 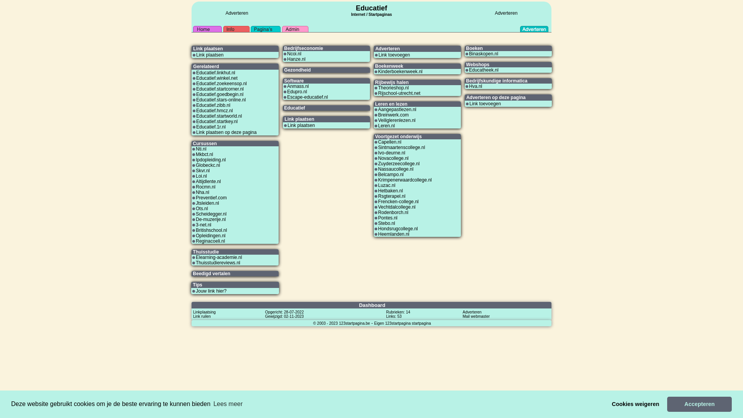 I want to click on 'Vechtdalcollege.nl', so click(x=397, y=207).